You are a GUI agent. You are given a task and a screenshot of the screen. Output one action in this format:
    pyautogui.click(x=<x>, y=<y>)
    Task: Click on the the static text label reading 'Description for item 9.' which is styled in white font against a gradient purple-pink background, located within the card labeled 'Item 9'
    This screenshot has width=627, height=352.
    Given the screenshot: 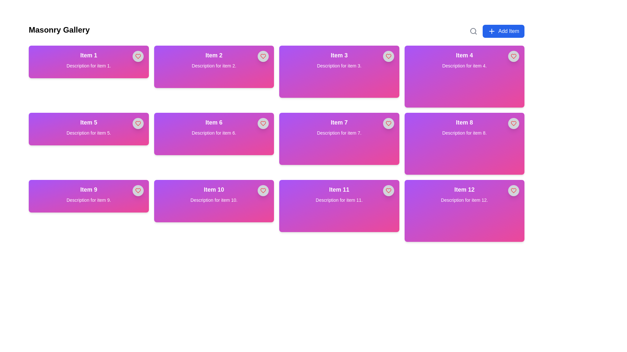 What is the action you would take?
    pyautogui.click(x=88, y=199)
    